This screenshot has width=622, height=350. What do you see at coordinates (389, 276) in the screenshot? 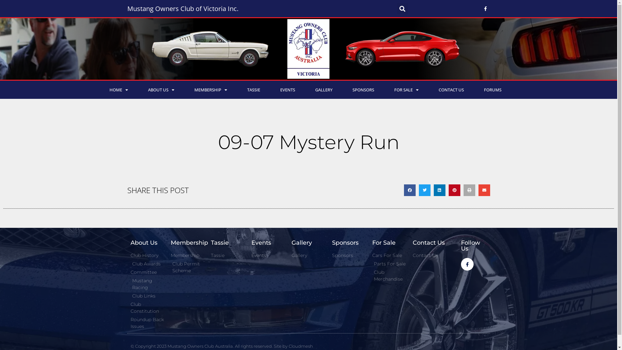
I see `'Club Merchandise'` at bounding box center [389, 276].